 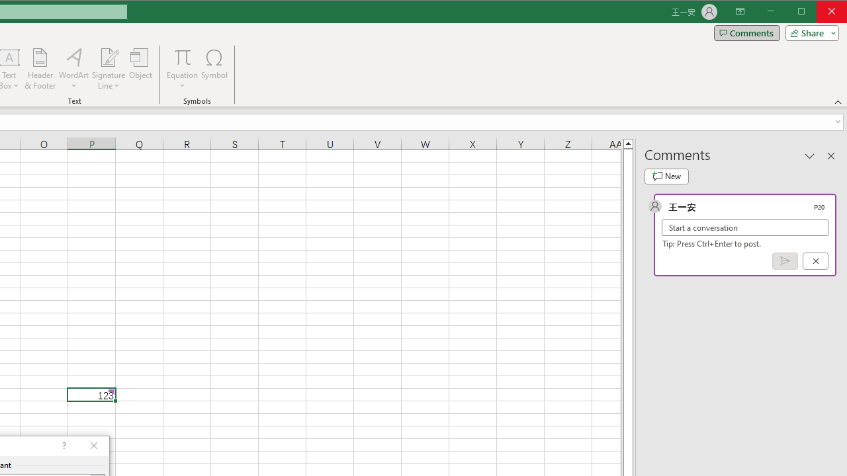 I want to click on 'Task Pane Options', so click(x=809, y=155).